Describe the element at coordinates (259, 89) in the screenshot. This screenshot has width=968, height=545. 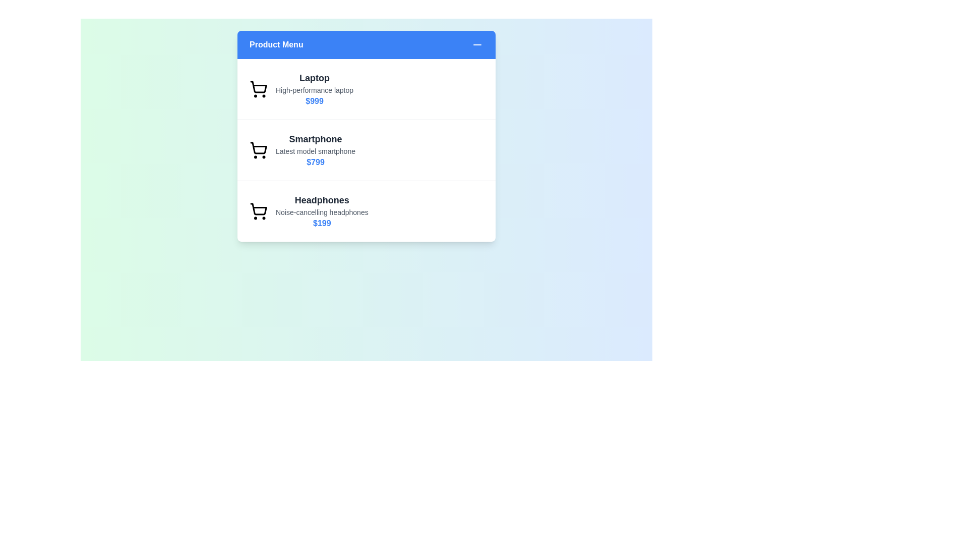
I see `the product icon for Laptop` at that location.